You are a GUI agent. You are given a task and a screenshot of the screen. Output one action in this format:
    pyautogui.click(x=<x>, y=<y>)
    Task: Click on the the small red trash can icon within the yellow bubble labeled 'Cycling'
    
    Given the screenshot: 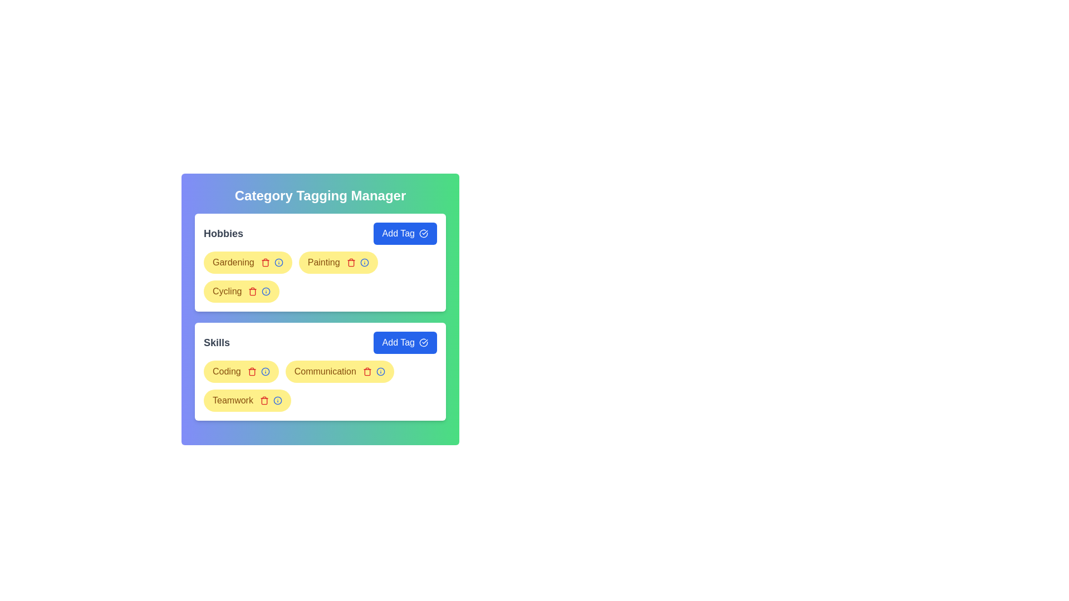 What is the action you would take?
    pyautogui.click(x=252, y=291)
    